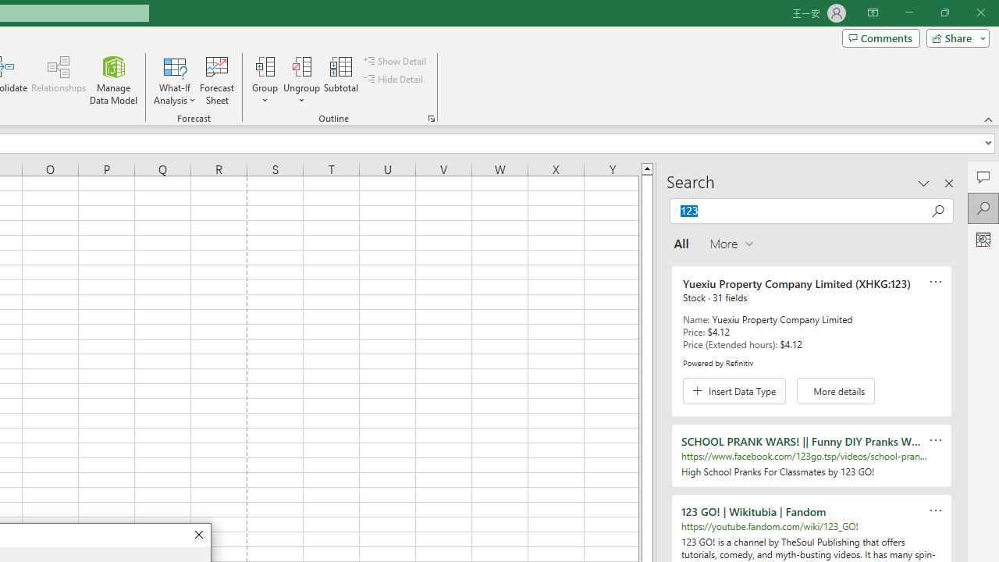 This screenshot has height=562, width=999. Describe the element at coordinates (394, 79) in the screenshot. I see `'Hide Detail'` at that location.